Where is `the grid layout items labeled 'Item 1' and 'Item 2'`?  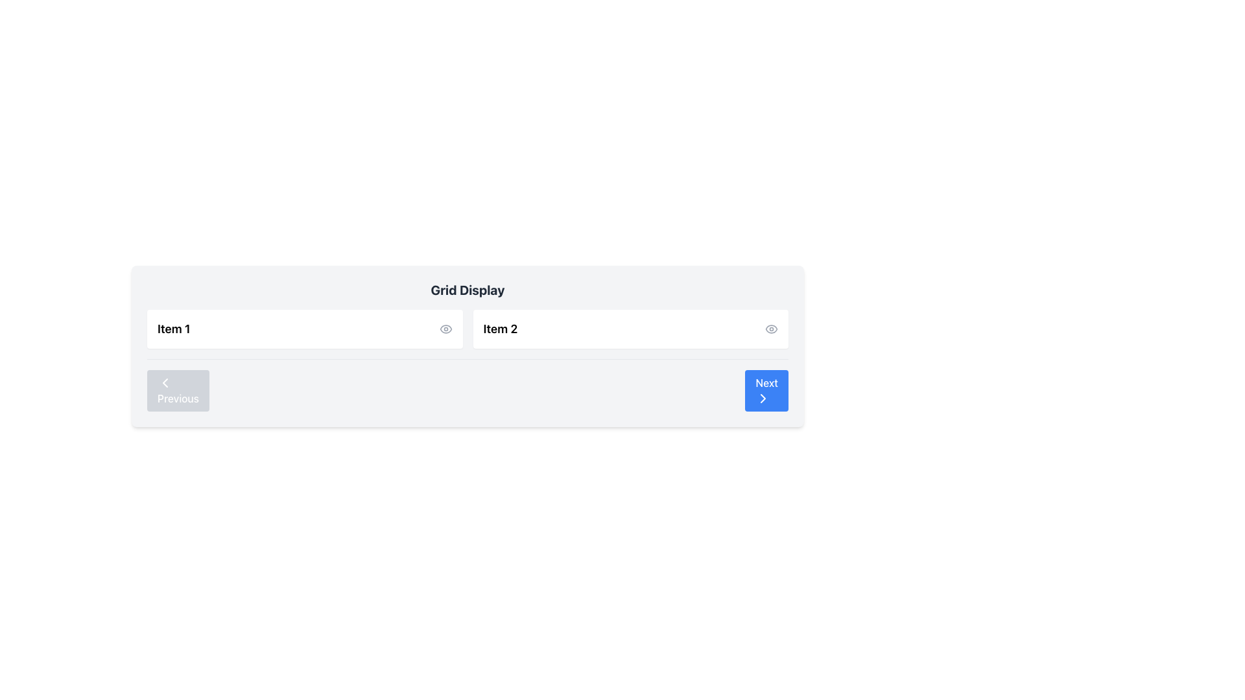 the grid layout items labeled 'Item 1' and 'Item 2' is located at coordinates (467, 329).